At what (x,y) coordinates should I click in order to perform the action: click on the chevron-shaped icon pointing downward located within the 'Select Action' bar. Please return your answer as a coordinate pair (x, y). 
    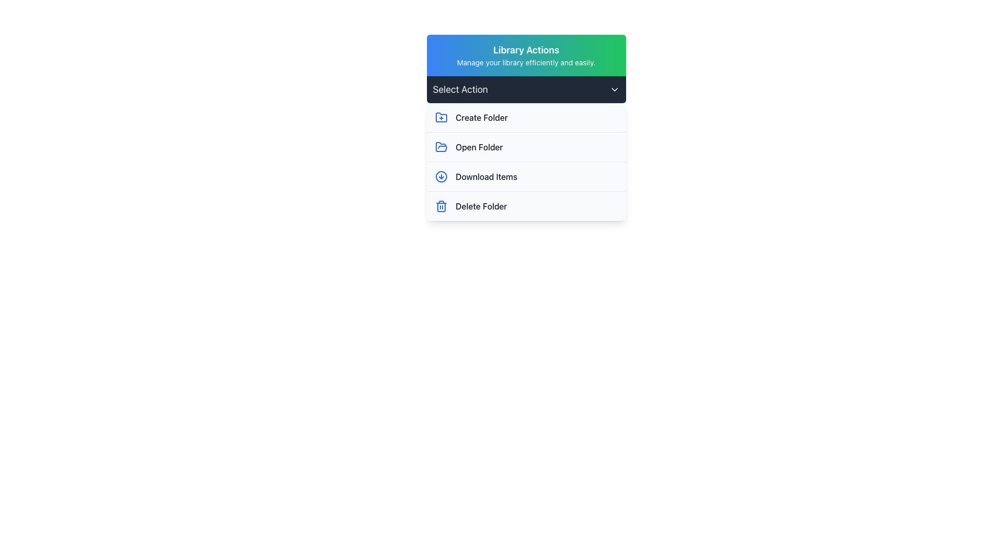
    Looking at the image, I should click on (614, 89).